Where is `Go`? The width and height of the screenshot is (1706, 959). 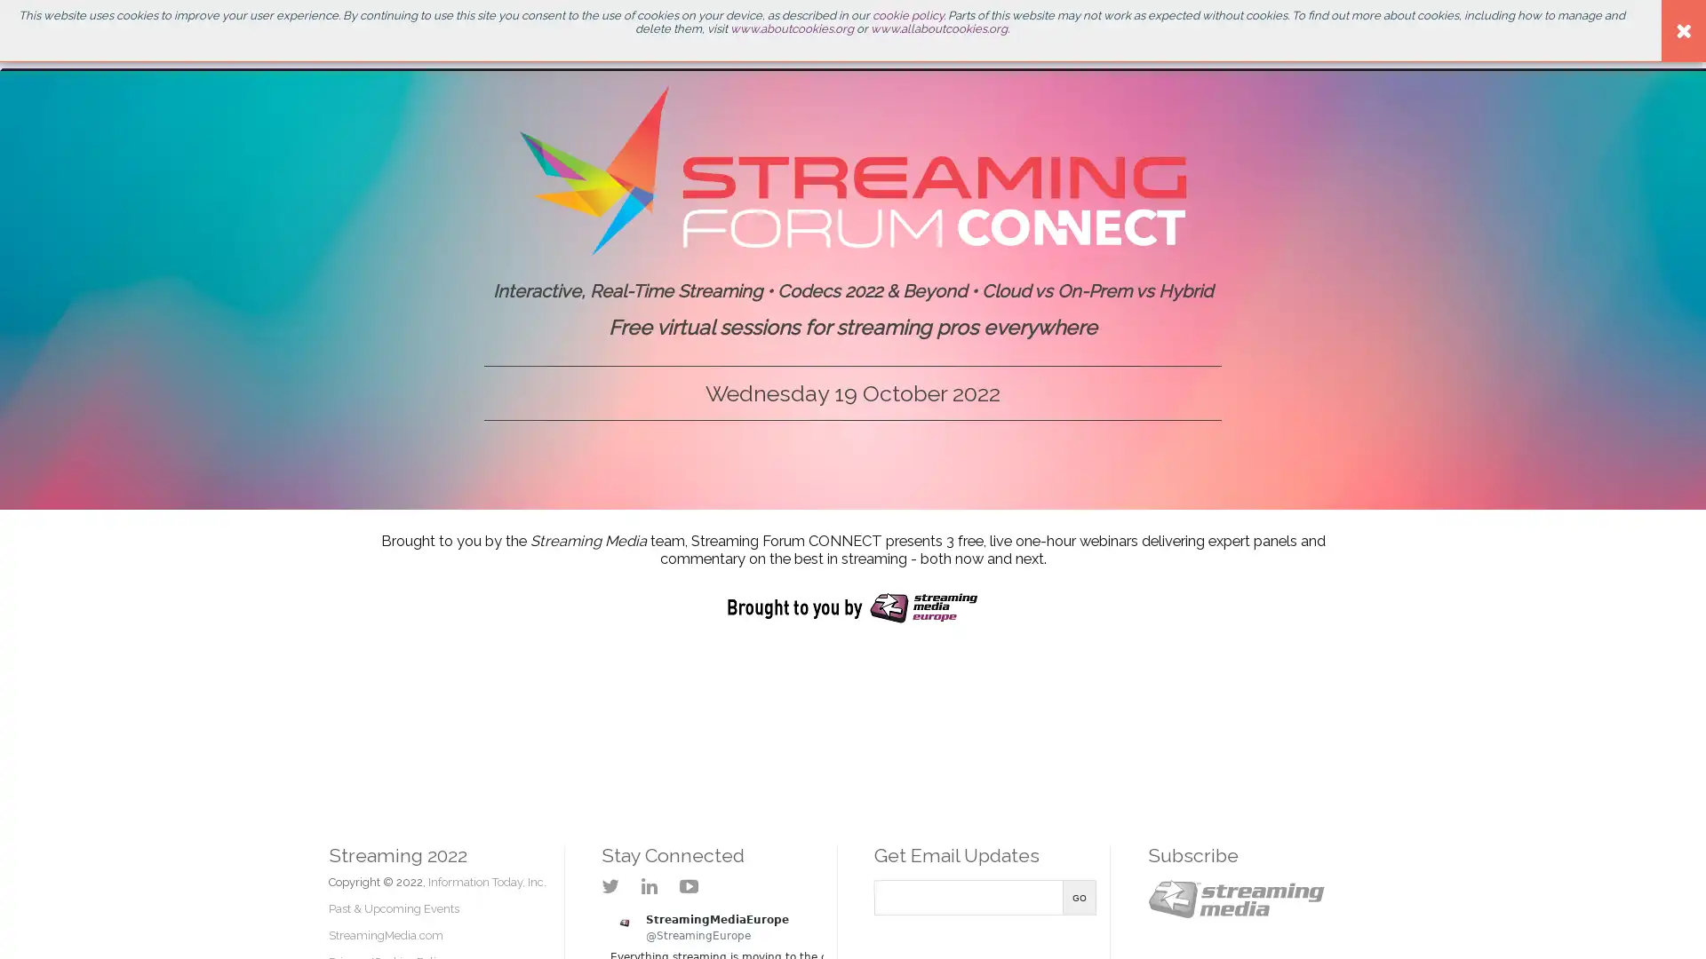
Go is located at coordinates (1078, 897).